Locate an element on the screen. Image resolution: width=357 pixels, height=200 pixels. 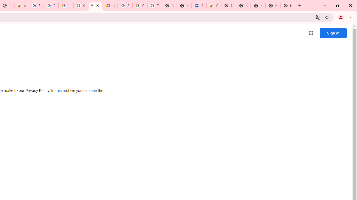
'Who are Google' is located at coordinates (95, 6).